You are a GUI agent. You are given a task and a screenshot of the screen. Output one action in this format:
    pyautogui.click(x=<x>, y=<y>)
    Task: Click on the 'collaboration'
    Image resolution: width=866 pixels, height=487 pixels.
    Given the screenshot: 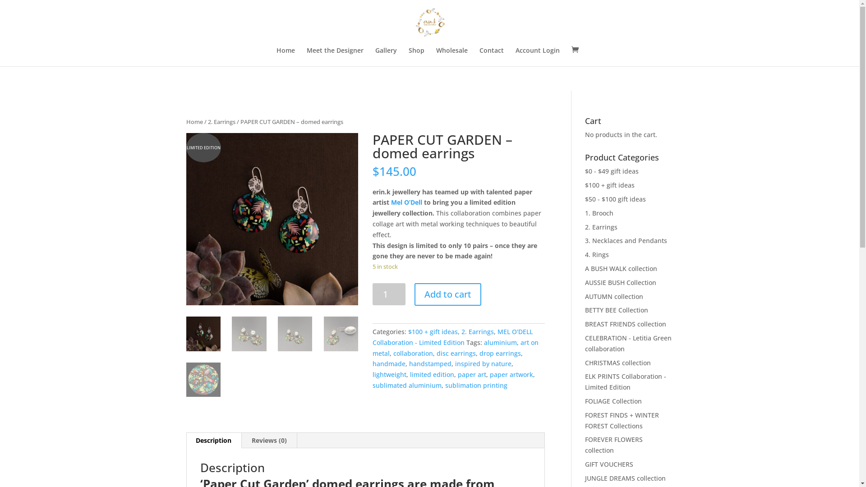 What is the action you would take?
    pyautogui.click(x=413, y=353)
    